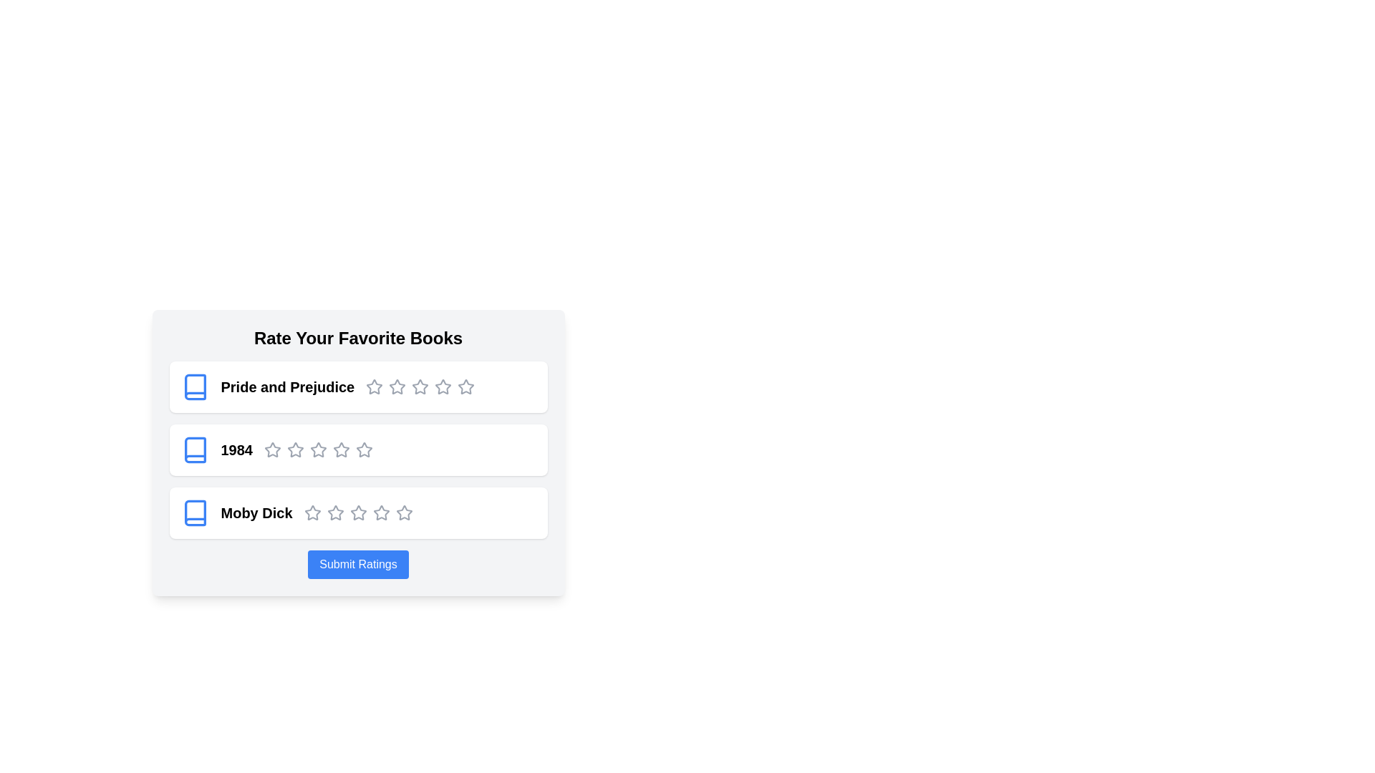 This screenshot has width=1375, height=773. I want to click on the star icons for the book 'Moby Dick' to indicate their interactivity, so click(312, 512).